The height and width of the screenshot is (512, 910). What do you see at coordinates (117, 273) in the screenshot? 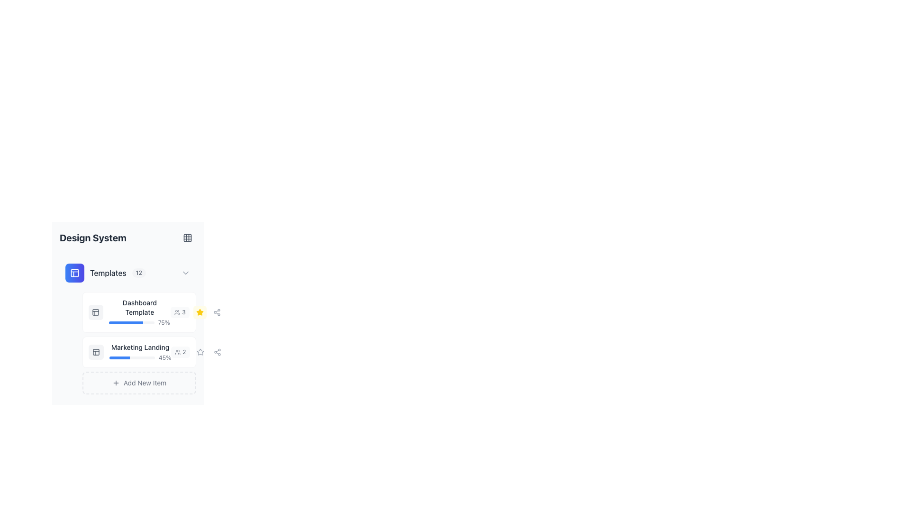
I see `the 'Templates' informational element with an embedded badge, which displays the word 'Templates' in gray and the number '12' in a rounded background, located under a blue folder icon in the 'Design System' menu` at bounding box center [117, 273].